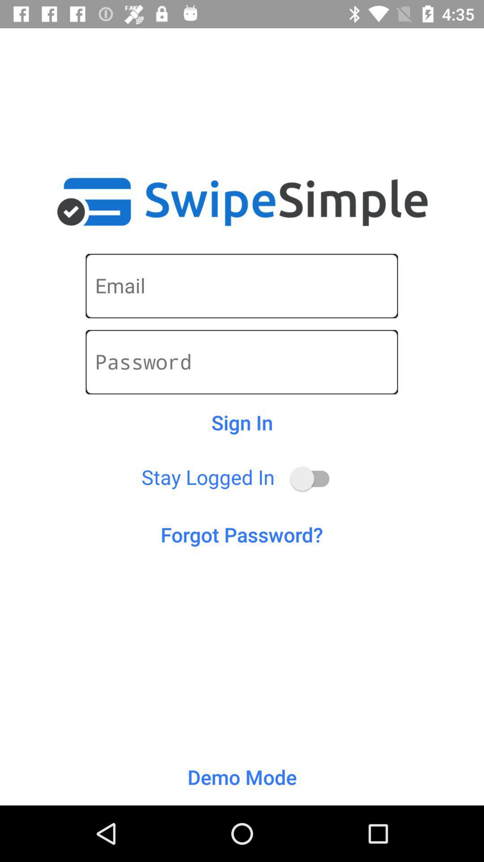 The height and width of the screenshot is (862, 484). Describe the element at coordinates (242, 422) in the screenshot. I see `sign in` at that location.